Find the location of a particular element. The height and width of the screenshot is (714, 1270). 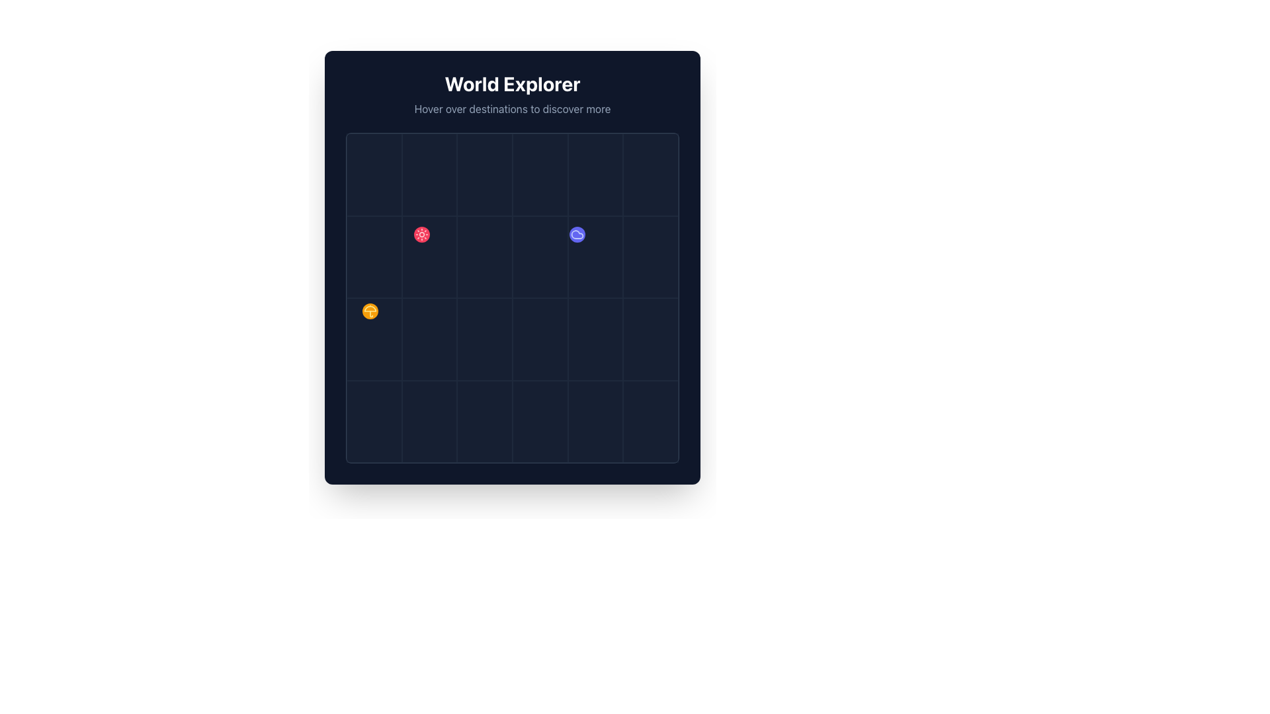

the grid cell located in the bottom-right corner of a 4x6 grid layout, which is the last cell in the last row is located at coordinates (651, 421).